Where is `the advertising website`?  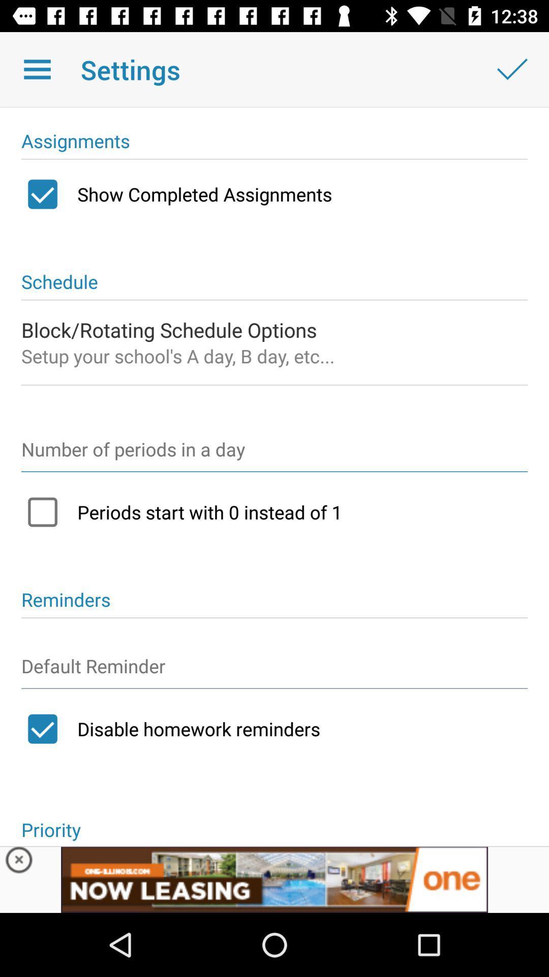
the advertising website is located at coordinates (274, 879).